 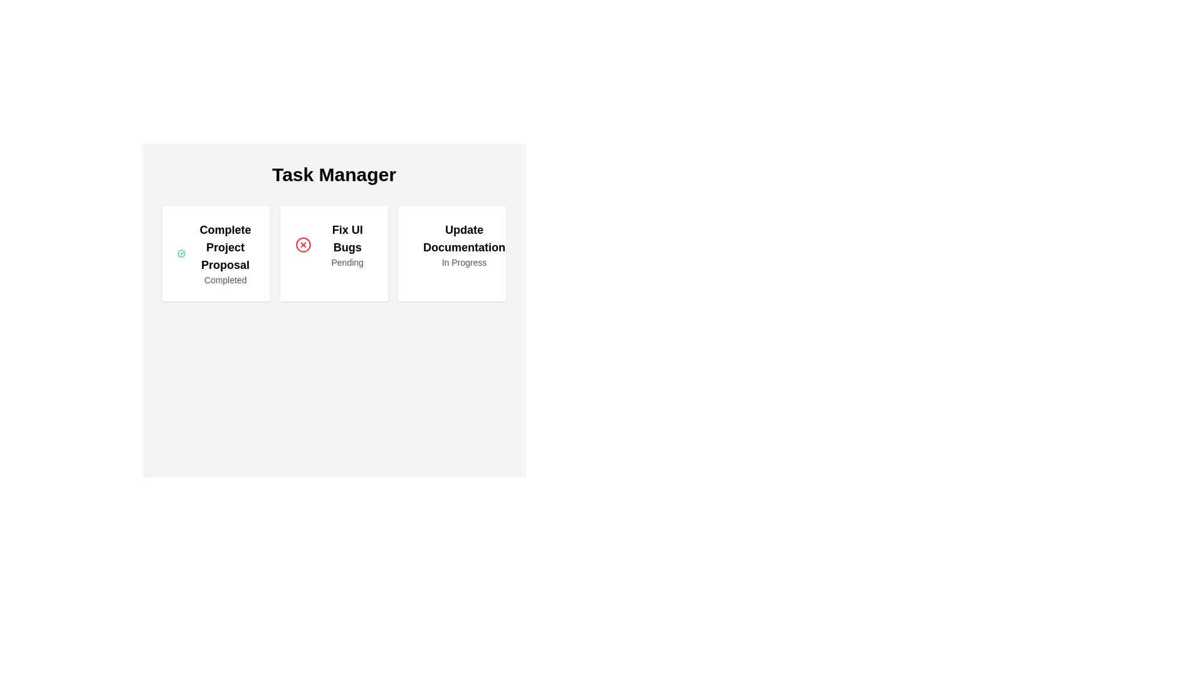 I want to click on the middle card in the 'Task Manager' section that displays the status 'Fix UI Bugs' with 'Pending' below it, so click(x=347, y=244).